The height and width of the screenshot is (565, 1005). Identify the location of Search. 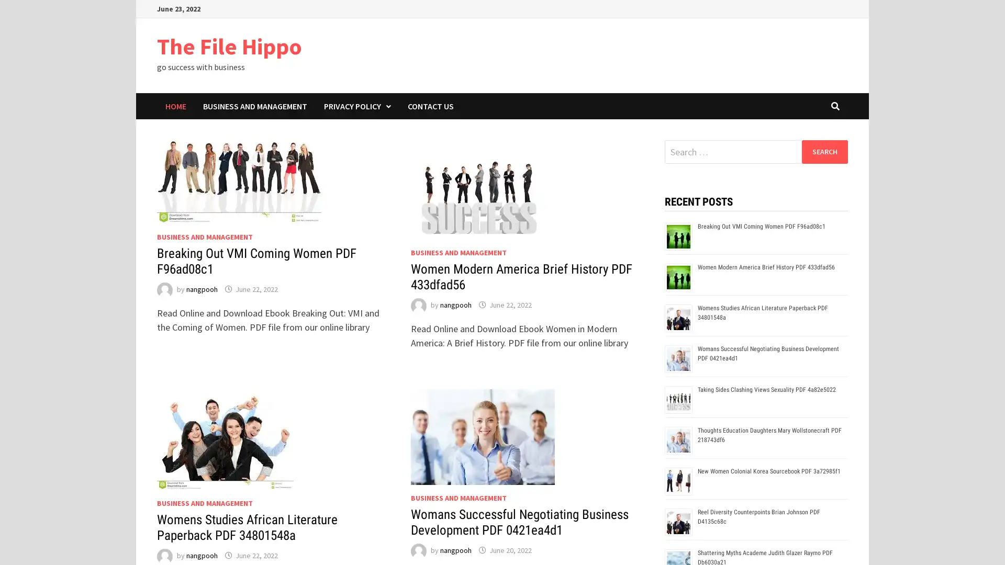
(824, 151).